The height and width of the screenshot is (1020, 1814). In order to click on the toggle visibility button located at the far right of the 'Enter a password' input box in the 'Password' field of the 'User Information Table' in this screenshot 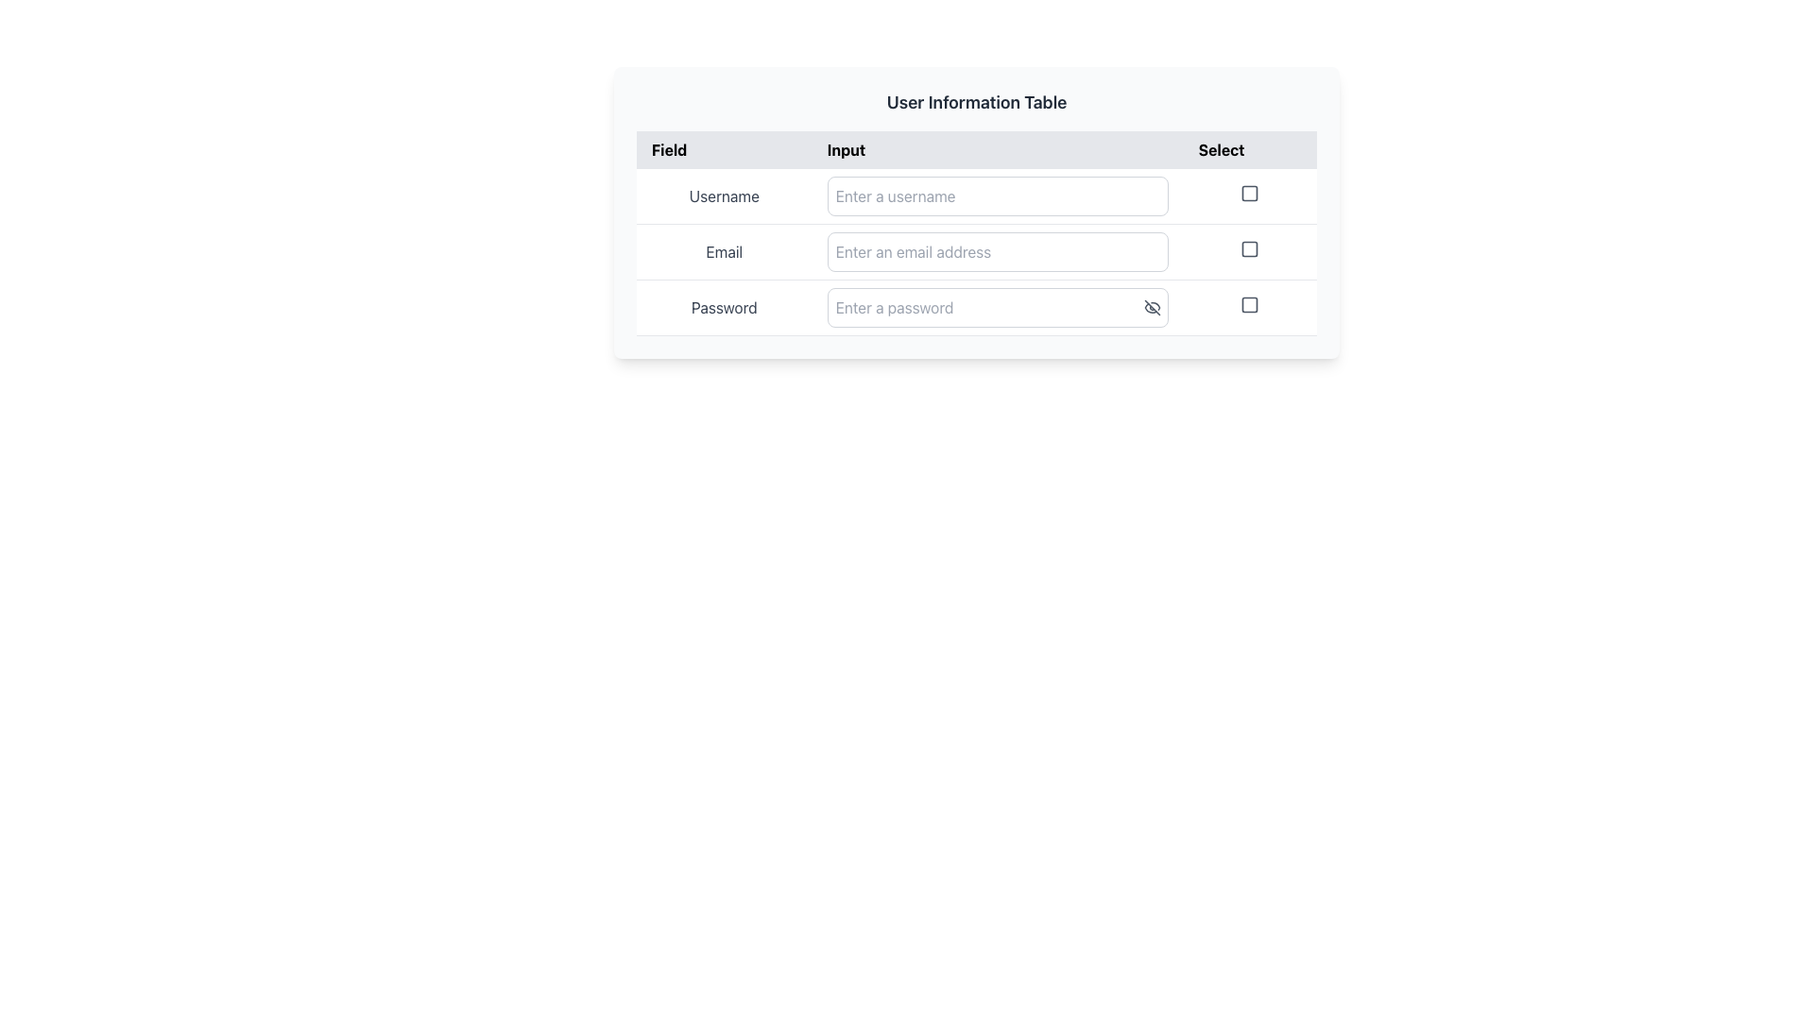, I will do `click(1155, 307)`.